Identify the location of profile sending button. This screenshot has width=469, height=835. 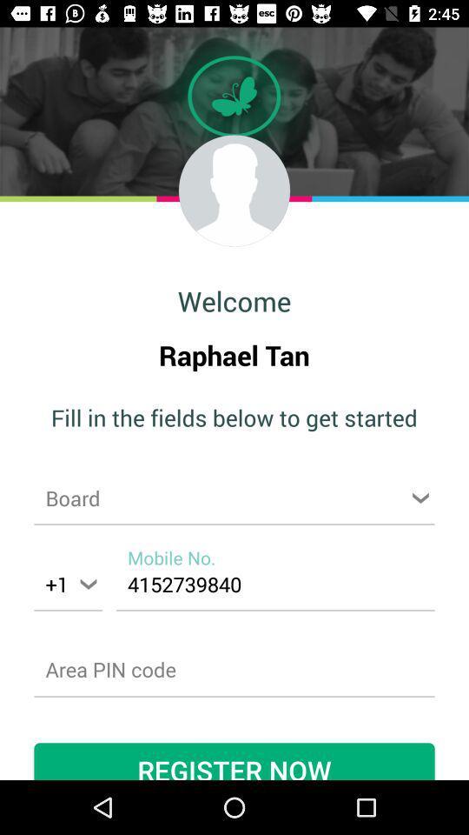
(234, 190).